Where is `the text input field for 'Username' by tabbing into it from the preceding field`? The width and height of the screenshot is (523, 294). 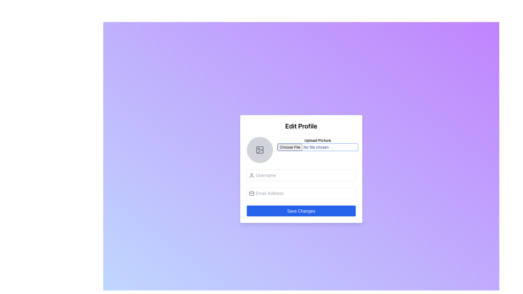 the text input field for 'Username' by tabbing into it from the preceding field is located at coordinates (301, 175).